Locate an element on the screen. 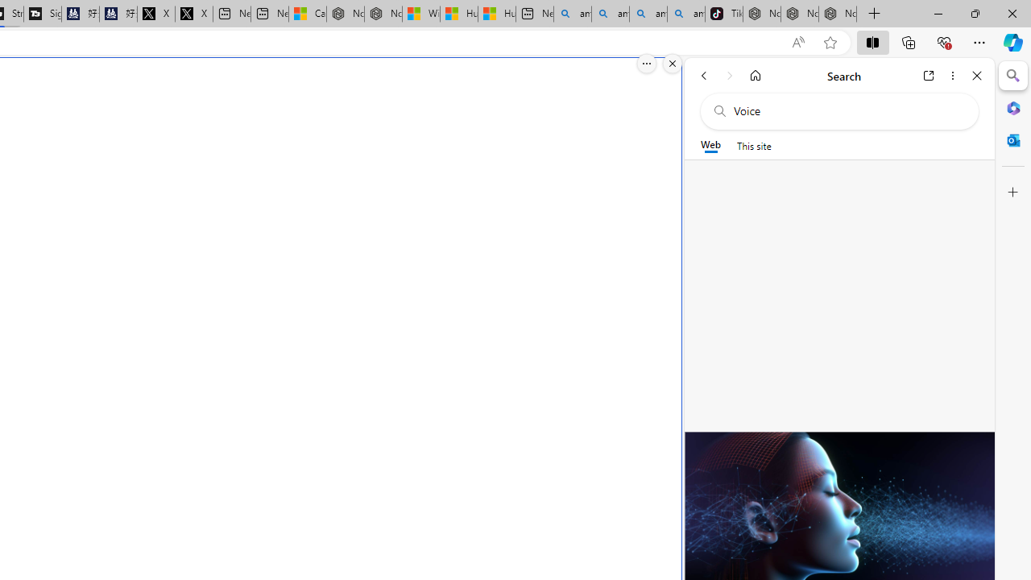  'Home' is located at coordinates (755, 75).